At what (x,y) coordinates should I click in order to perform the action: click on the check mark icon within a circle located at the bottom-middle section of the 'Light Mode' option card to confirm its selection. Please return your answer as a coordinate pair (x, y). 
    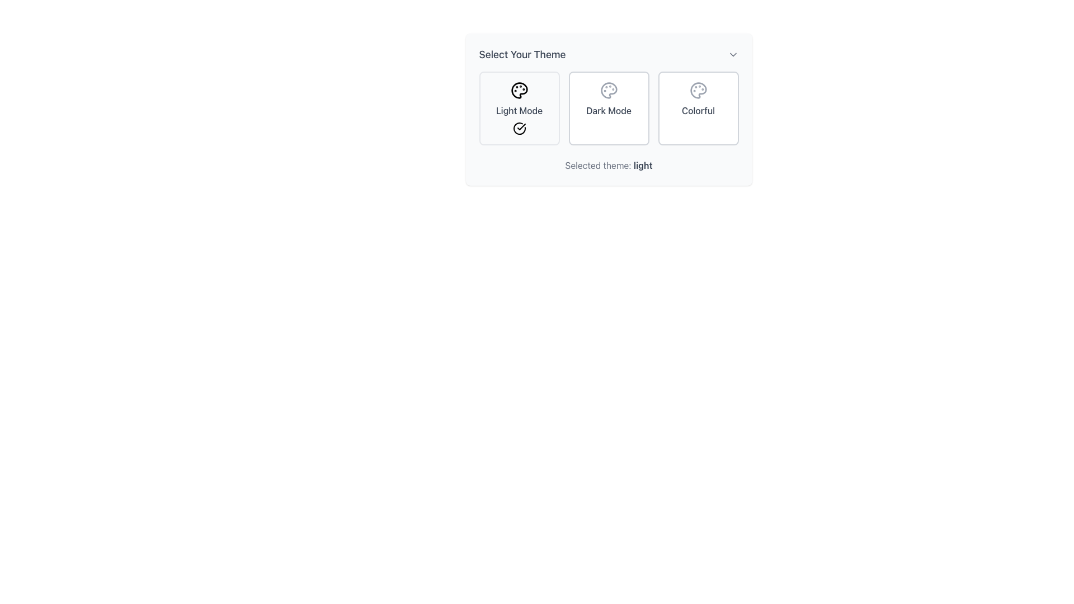
    Looking at the image, I should click on (519, 128).